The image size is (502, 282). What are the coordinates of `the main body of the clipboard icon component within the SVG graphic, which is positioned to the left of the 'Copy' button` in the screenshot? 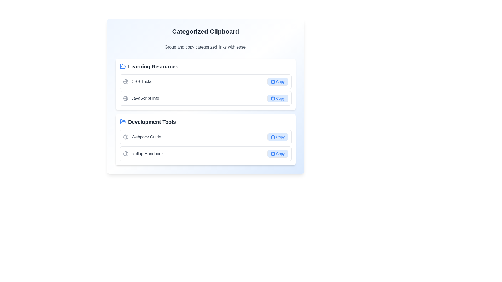 It's located at (273, 82).